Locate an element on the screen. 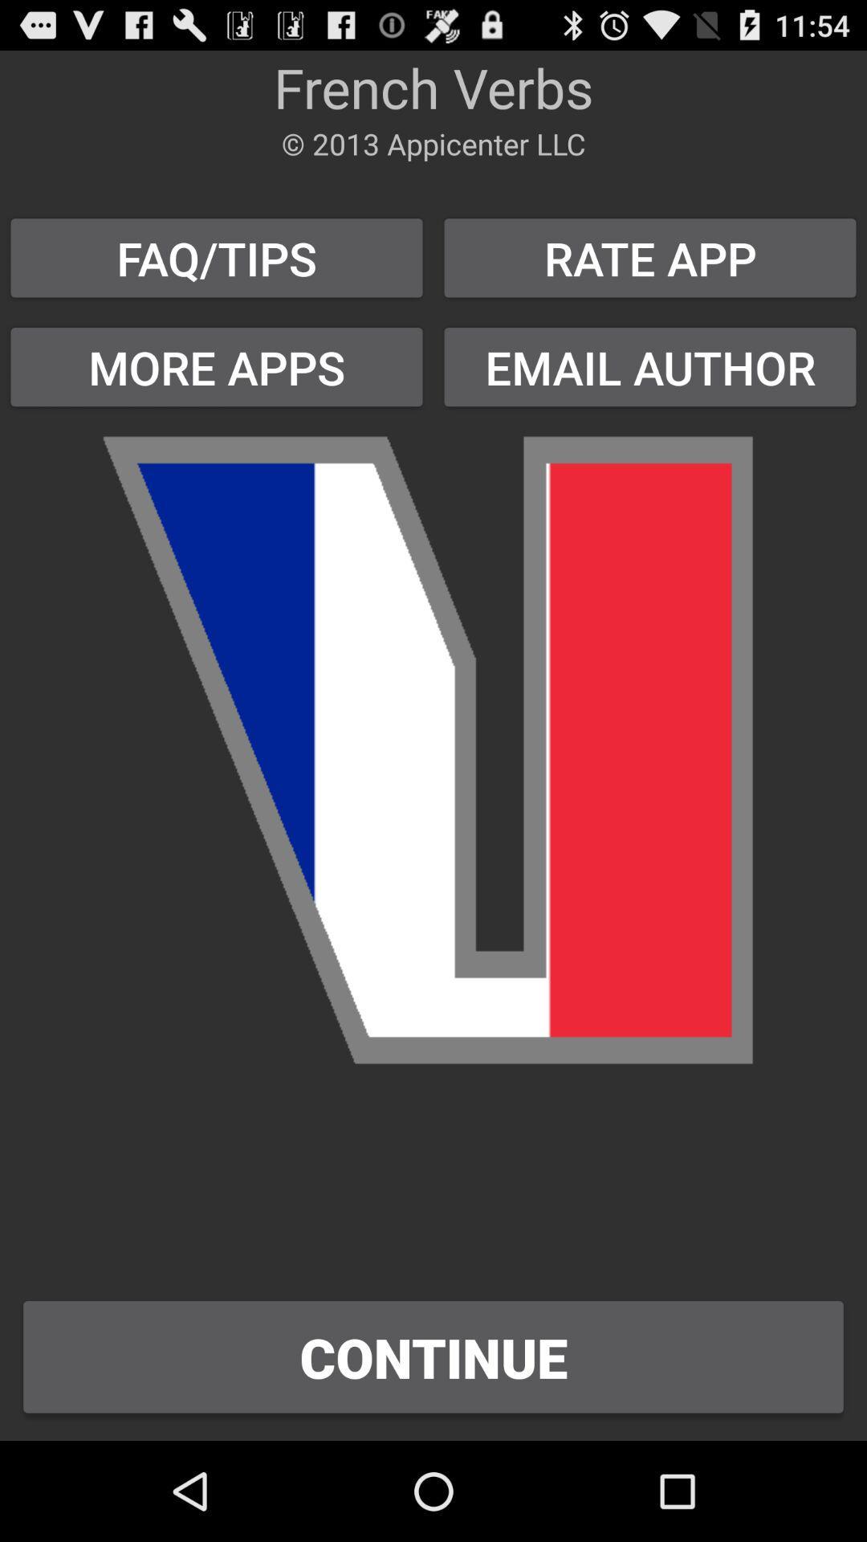 This screenshot has width=867, height=1542. the button next to the rate app icon is located at coordinates (217, 366).